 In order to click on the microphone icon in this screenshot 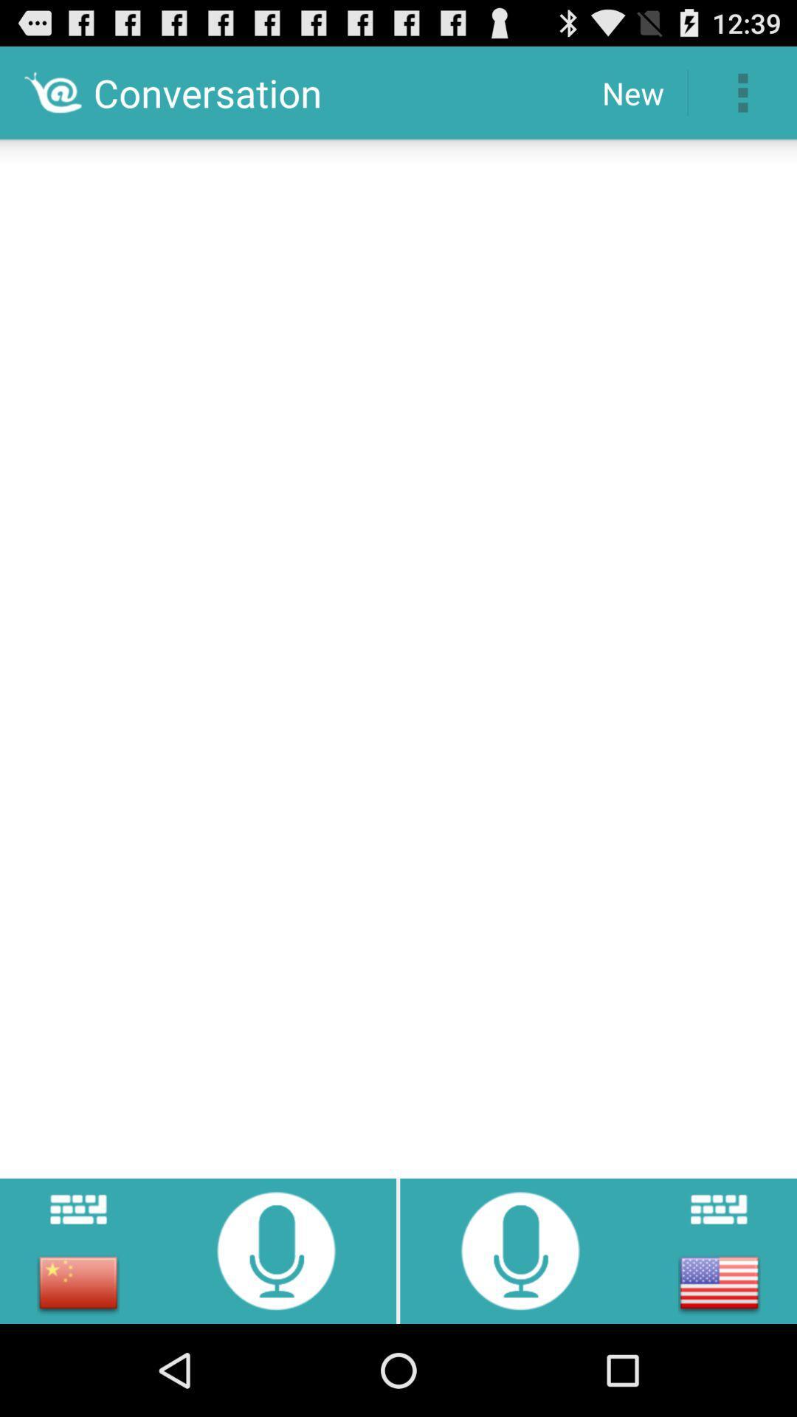, I will do `click(276, 1339)`.